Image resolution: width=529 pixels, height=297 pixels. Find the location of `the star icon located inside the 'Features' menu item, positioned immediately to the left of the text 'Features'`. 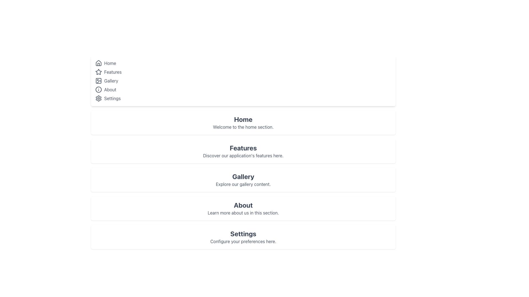

the star icon located inside the 'Features' menu item, positioned immediately to the left of the text 'Features' is located at coordinates (99, 72).